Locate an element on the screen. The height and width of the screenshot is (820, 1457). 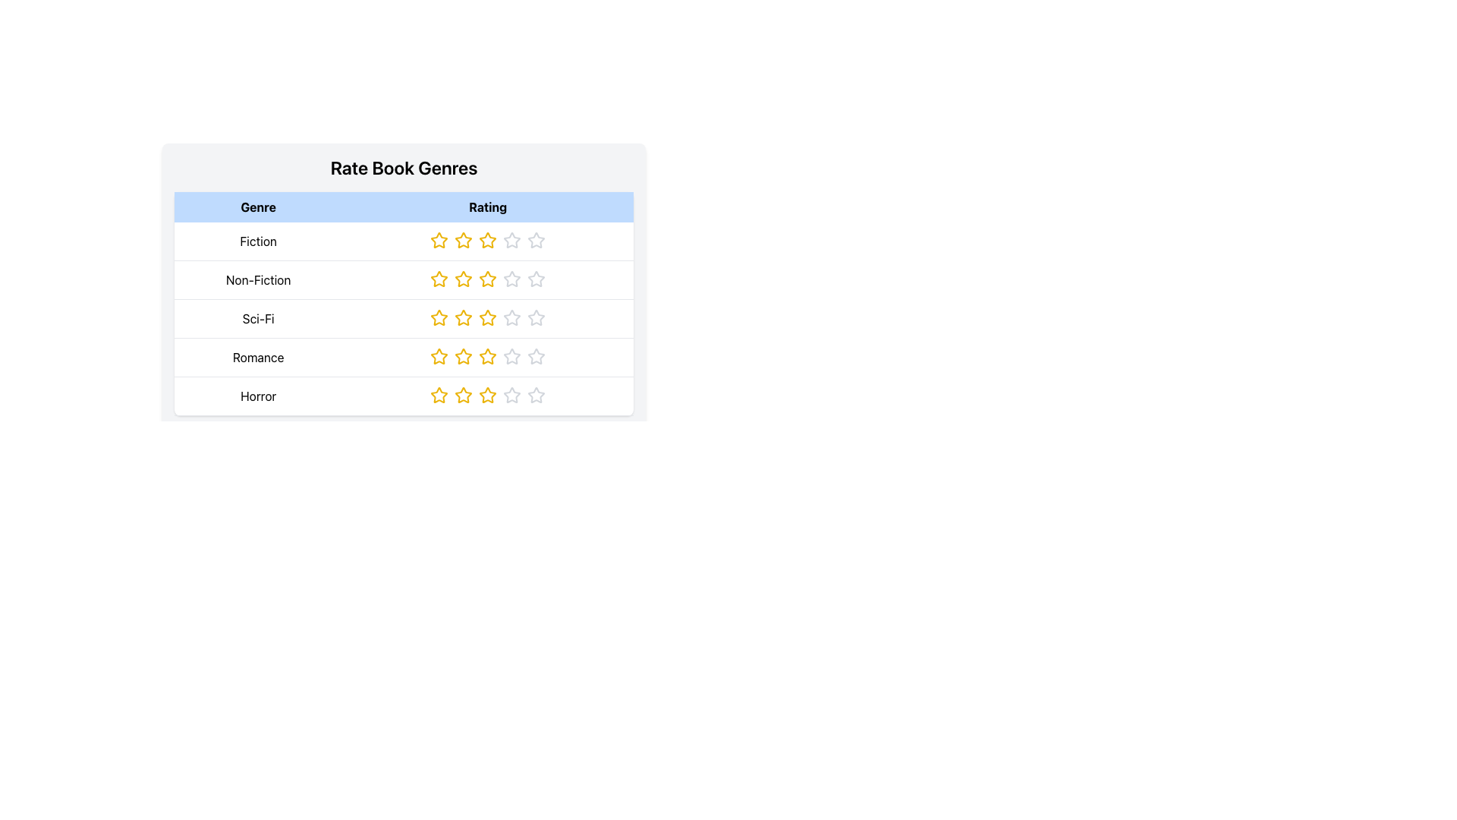
the third yellow star icon in the Romance genre rating section is located at coordinates (463, 357).